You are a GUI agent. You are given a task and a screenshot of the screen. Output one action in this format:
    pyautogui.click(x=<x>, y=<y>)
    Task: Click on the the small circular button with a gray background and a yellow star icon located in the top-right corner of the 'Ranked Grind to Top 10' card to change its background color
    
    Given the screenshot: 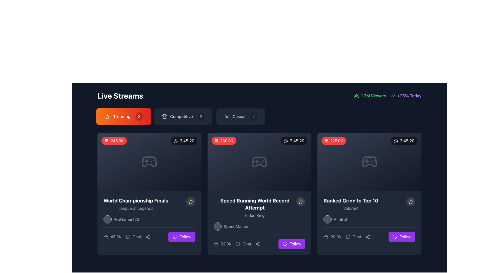 What is the action you would take?
    pyautogui.click(x=411, y=201)
    